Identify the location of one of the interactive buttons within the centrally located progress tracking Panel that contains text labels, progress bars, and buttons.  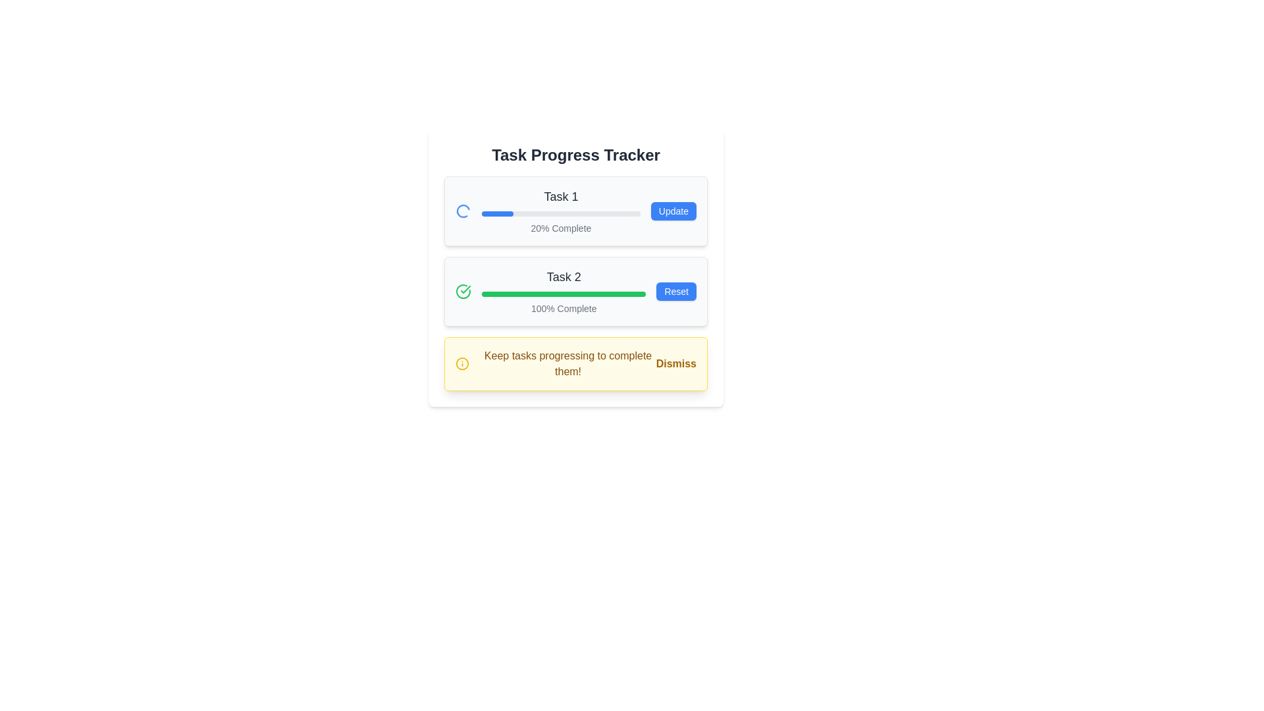
(575, 267).